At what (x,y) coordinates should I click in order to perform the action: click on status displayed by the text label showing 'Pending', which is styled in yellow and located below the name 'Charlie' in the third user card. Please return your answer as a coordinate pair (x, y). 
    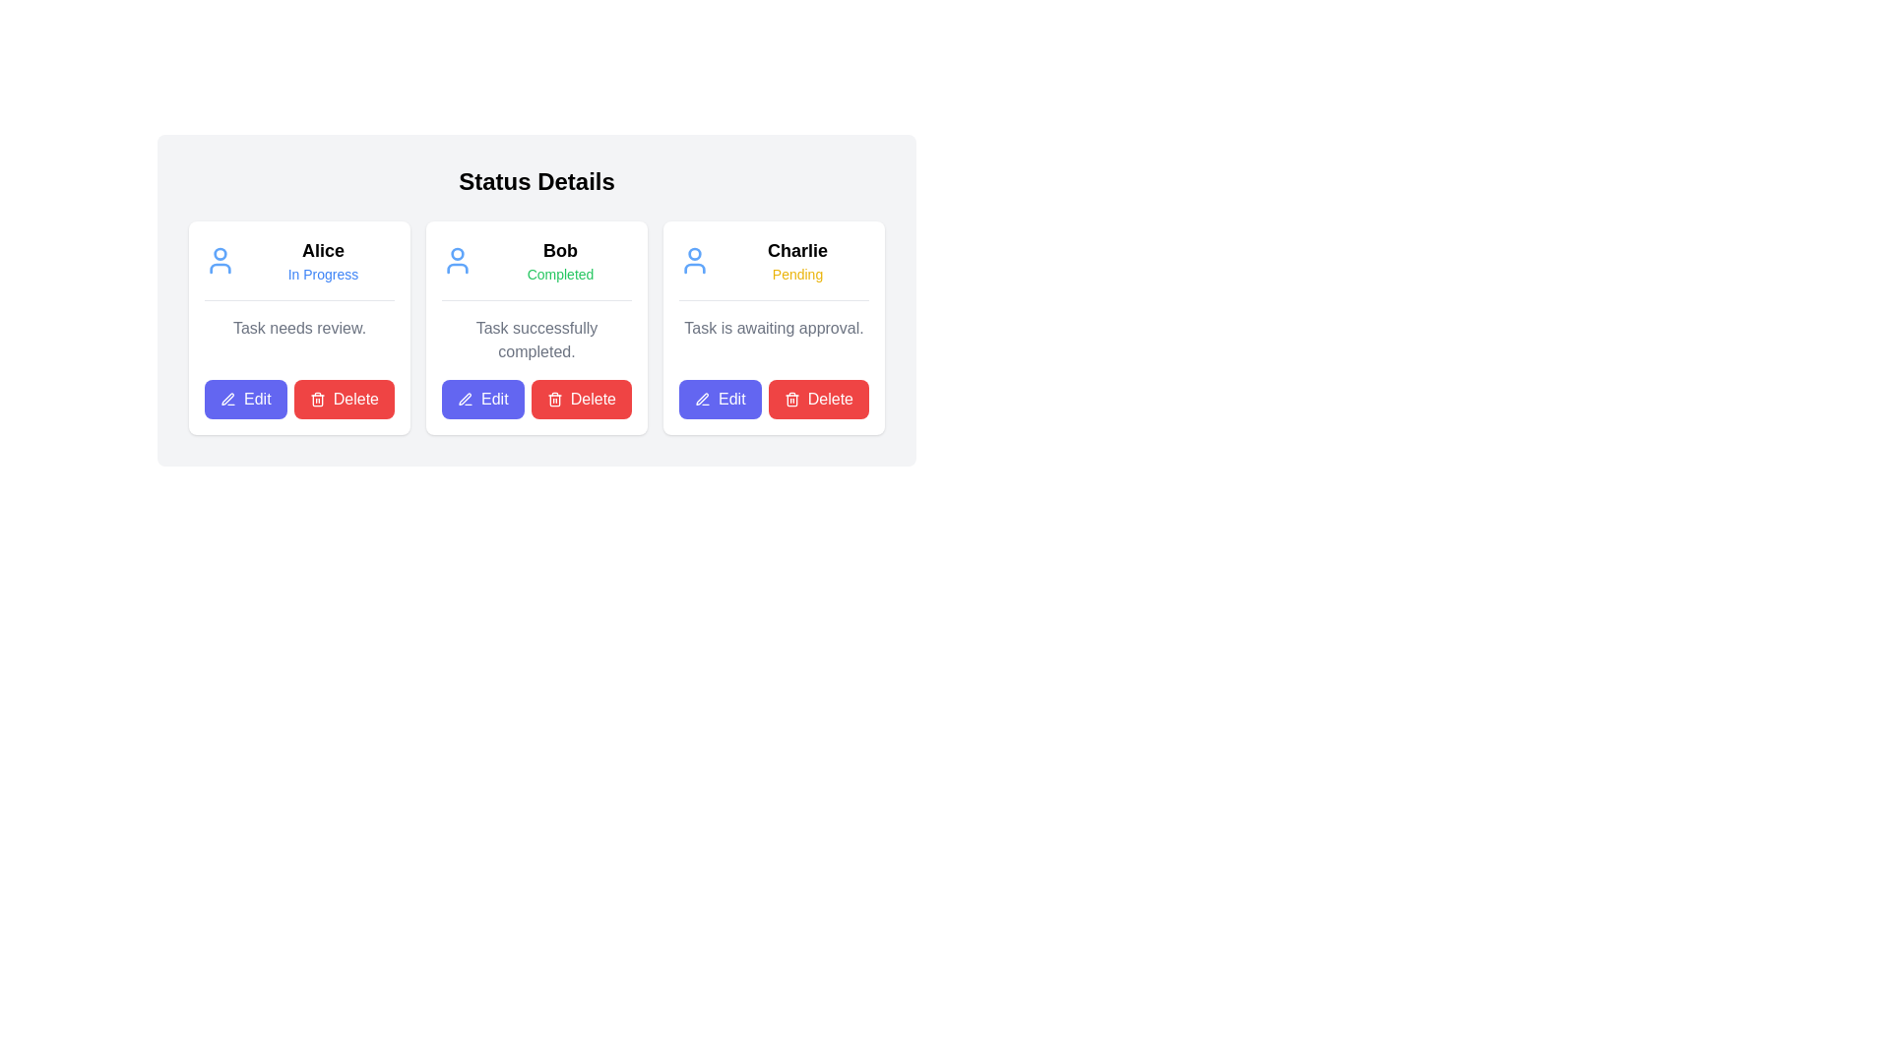
    Looking at the image, I should click on (797, 274).